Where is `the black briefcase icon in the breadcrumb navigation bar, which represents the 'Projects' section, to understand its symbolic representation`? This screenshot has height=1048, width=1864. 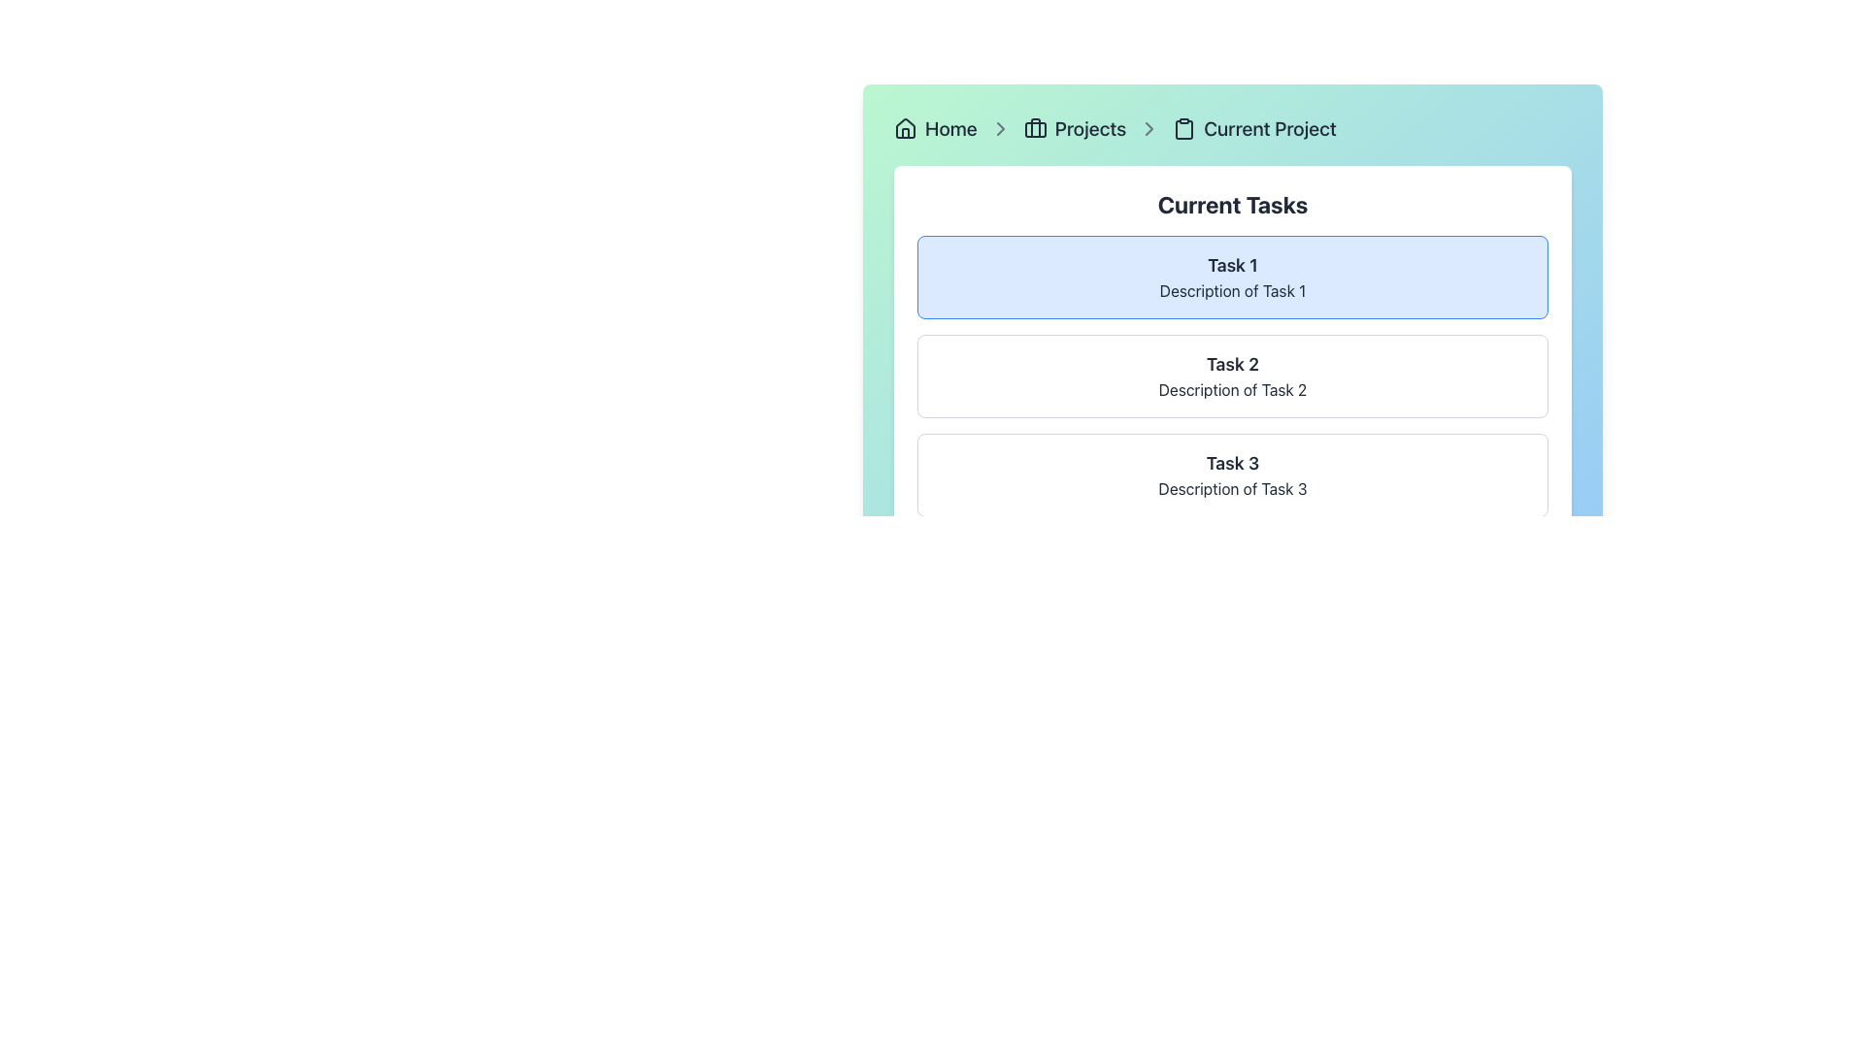
the black briefcase icon in the breadcrumb navigation bar, which represents the 'Projects' section, to understand its symbolic representation is located at coordinates (1034, 128).